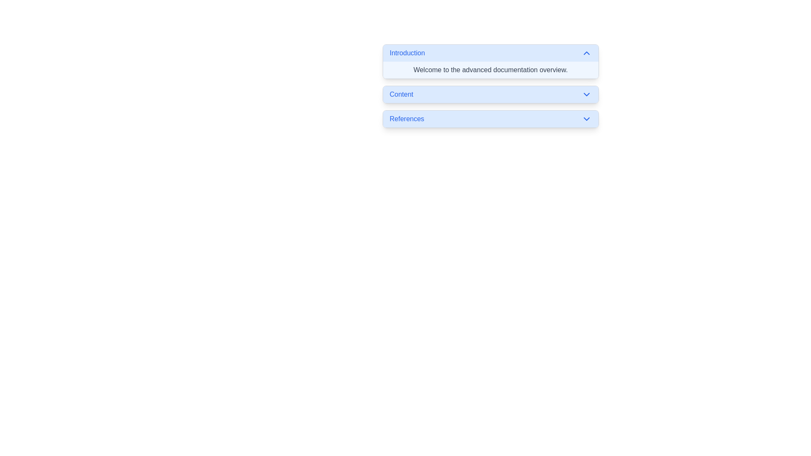 The width and height of the screenshot is (811, 456). What do you see at coordinates (490, 94) in the screenshot?
I see `the toggle button for expanding or collapsing the 'Content' section, positioned between 'Introduction' and 'References' in the vertical list` at bounding box center [490, 94].